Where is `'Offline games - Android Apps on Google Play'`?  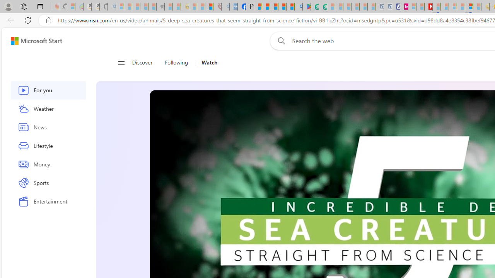 'Offline games - Android Apps on Google Play' is located at coordinates (306, 7).